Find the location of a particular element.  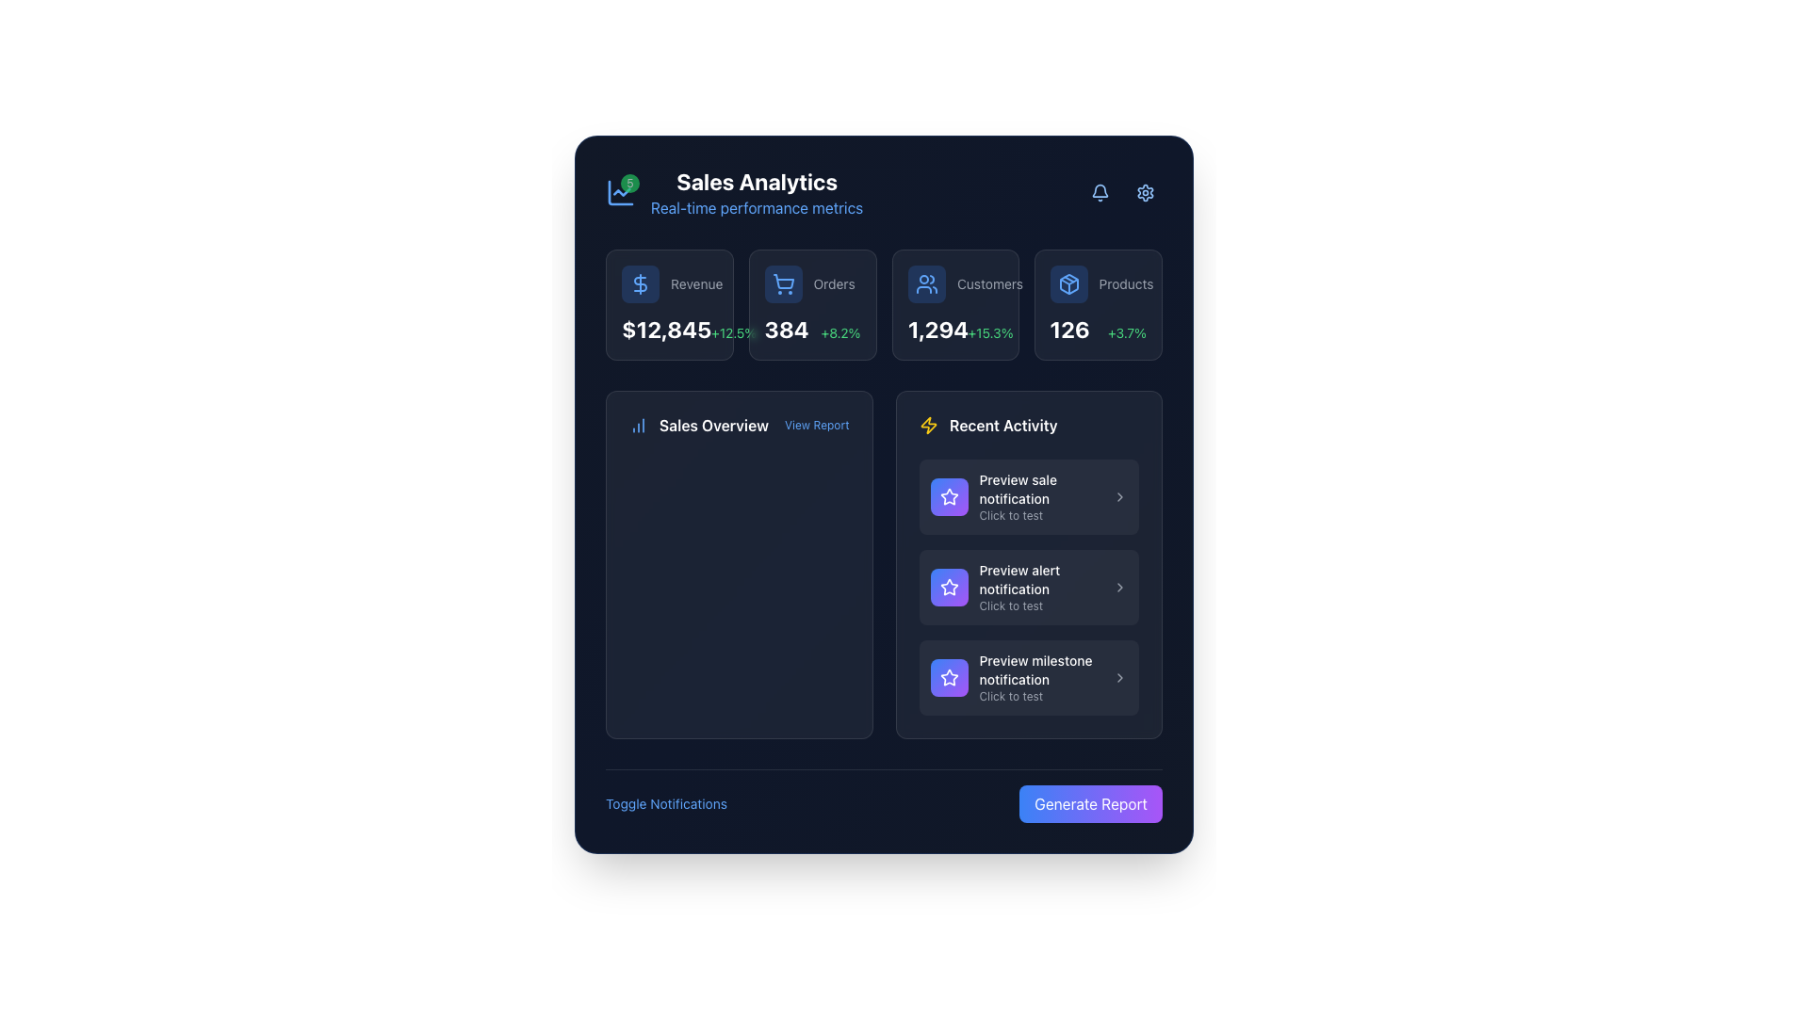

the small text label displaying 'Click to test' located beneath the 'Preview milestone notification' in the 'Recent Activity' section is located at coordinates (1039, 697).